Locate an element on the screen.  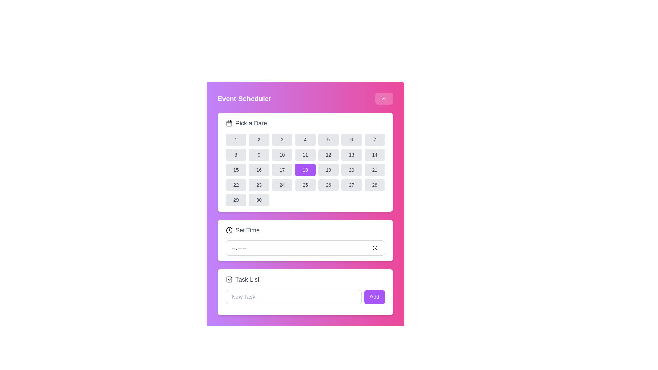
the button displaying the number '7' in the calendar grid of the 'Event Scheduler' interface is located at coordinates (374, 139).